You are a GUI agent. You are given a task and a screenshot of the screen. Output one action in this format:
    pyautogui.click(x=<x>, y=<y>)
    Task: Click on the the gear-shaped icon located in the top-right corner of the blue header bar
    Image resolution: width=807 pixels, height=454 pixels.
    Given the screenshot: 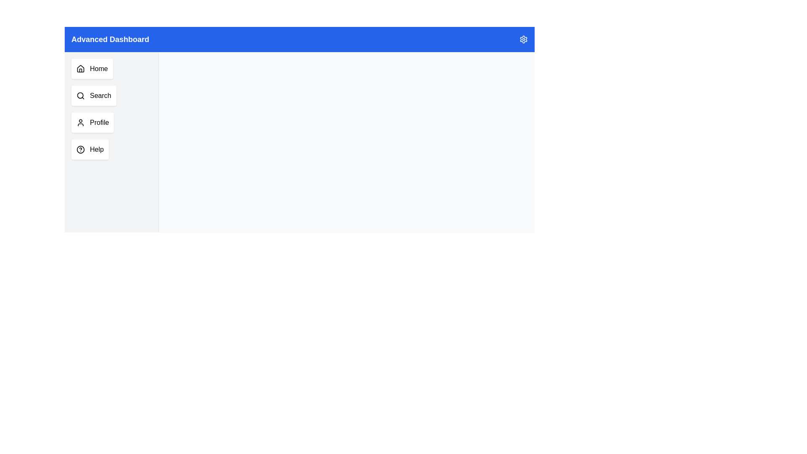 What is the action you would take?
    pyautogui.click(x=523, y=39)
    